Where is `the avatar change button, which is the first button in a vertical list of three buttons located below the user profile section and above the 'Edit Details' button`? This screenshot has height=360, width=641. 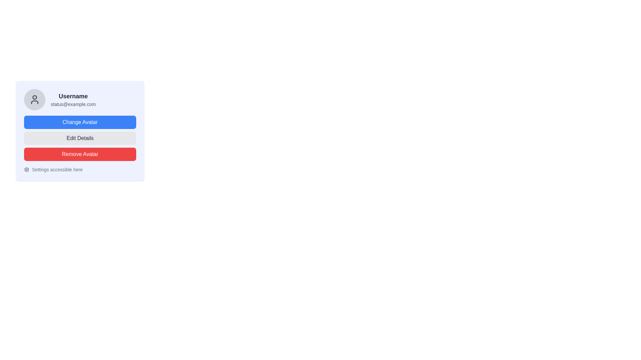 the avatar change button, which is the first button in a vertical list of three buttons located below the user profile section and above the 'Edit Details' button is located at coordinates (80, 122).